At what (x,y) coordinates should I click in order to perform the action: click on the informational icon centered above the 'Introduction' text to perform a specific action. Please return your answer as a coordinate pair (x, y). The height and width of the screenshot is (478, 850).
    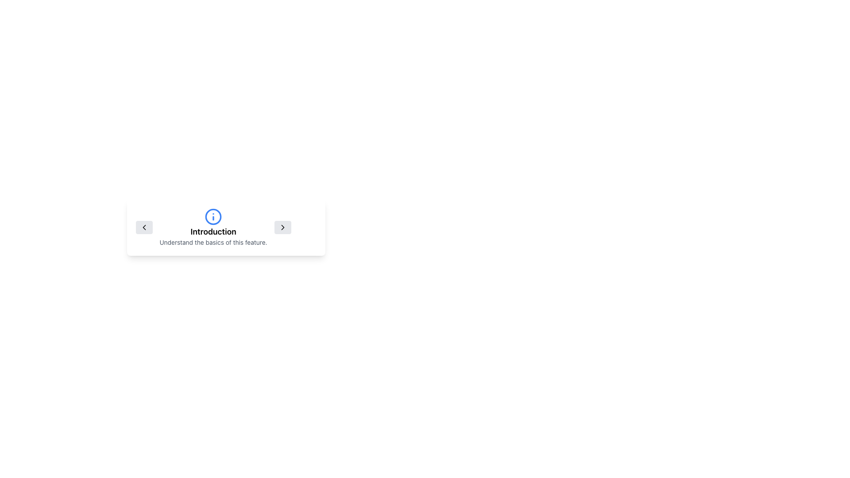
    Looking at the image, I should click on (213, 216).